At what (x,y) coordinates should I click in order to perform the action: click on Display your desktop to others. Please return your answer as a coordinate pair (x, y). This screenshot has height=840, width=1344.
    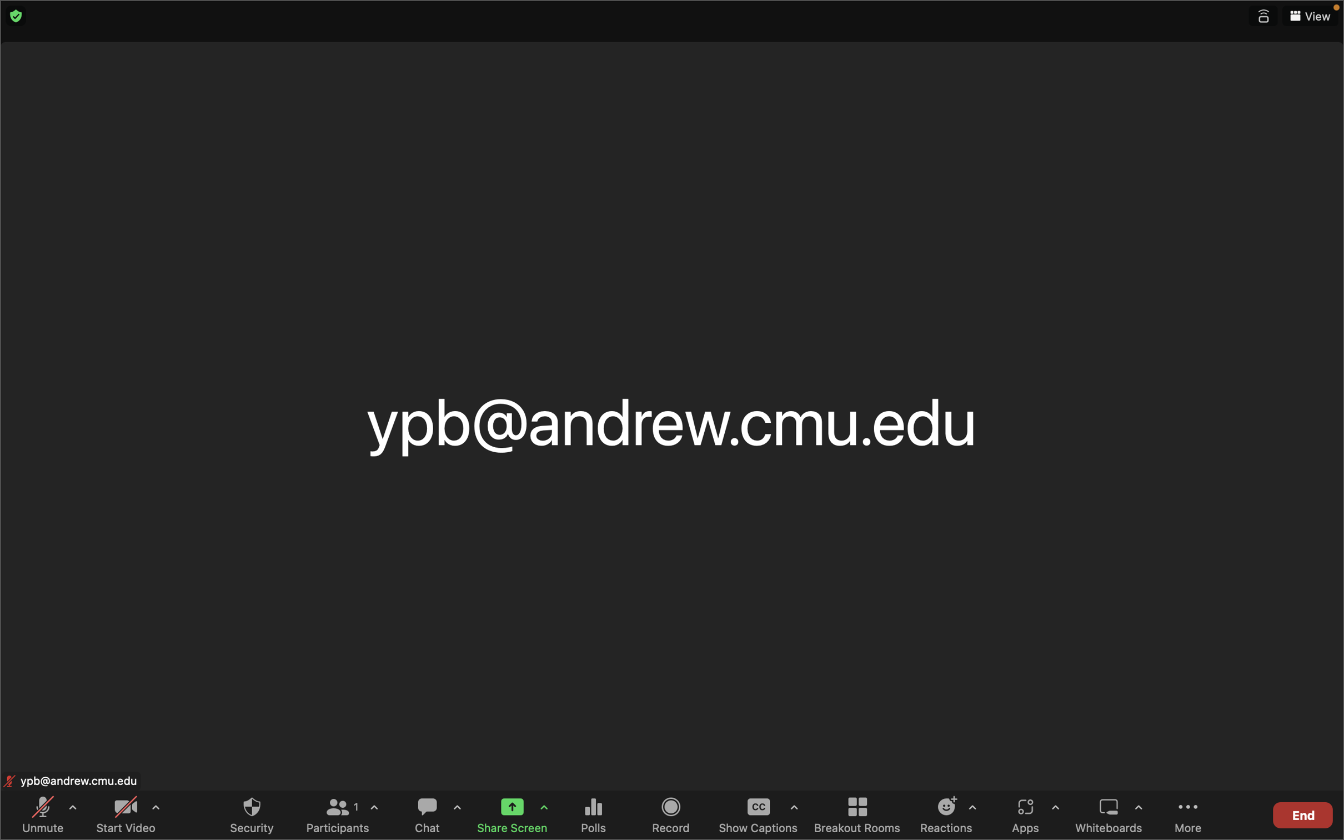
    Looking at the image, I should click on (508, 813).